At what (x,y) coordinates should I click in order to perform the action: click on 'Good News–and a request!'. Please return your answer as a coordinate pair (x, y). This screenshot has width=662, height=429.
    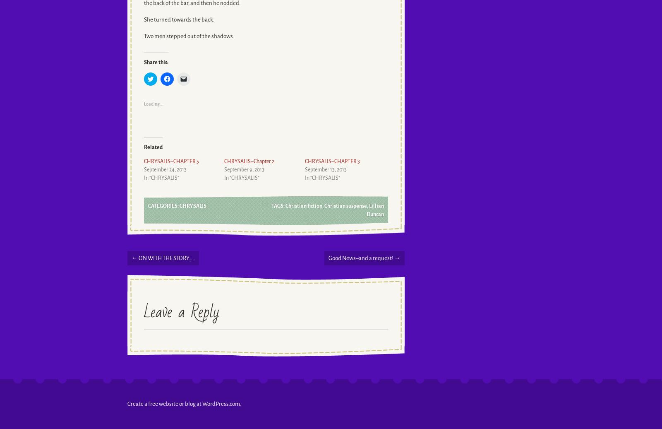
    Looking at the image, I should click on (360, 258).